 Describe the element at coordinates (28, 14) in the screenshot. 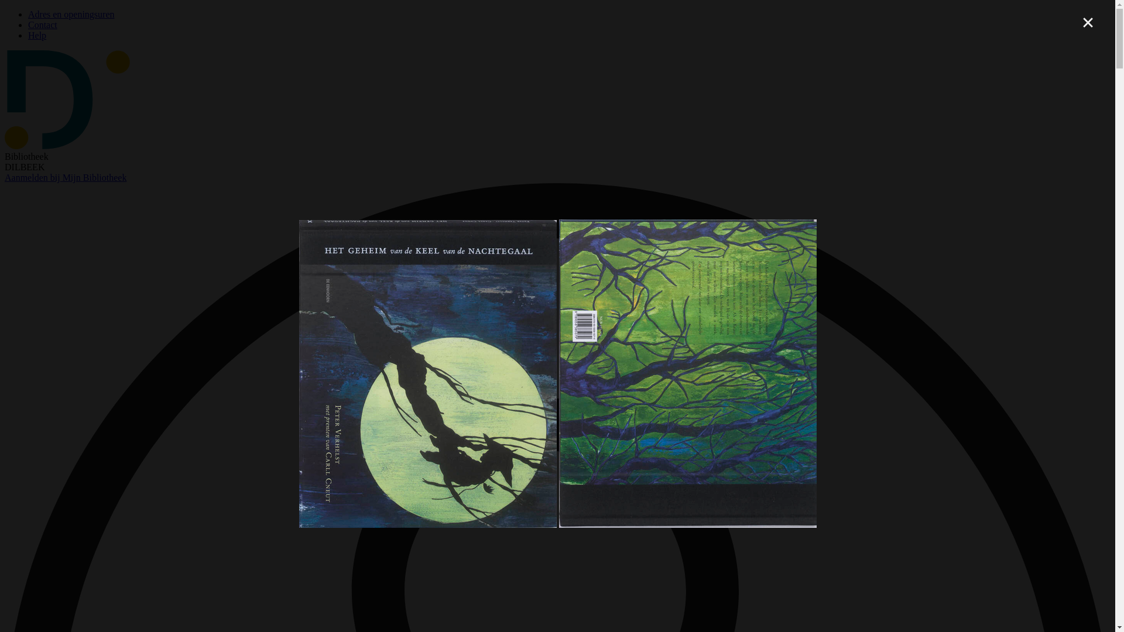

I see `'Adres en openingsuren'` at that location.